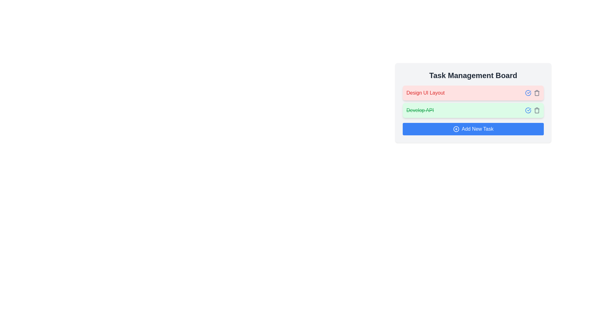 The image size is (598, 336). I want to click on the third interactive icon, which serves as the delete button for the 'Develop API' task, so click(536, 110).